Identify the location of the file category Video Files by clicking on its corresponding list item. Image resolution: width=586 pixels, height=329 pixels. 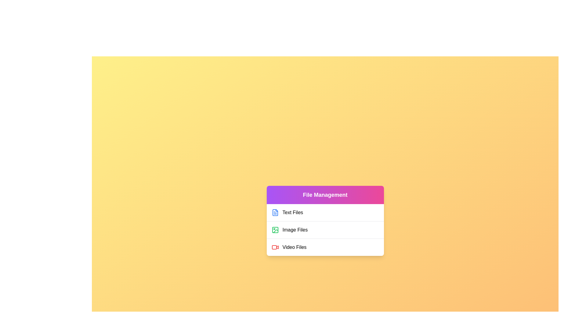
(325, 247).